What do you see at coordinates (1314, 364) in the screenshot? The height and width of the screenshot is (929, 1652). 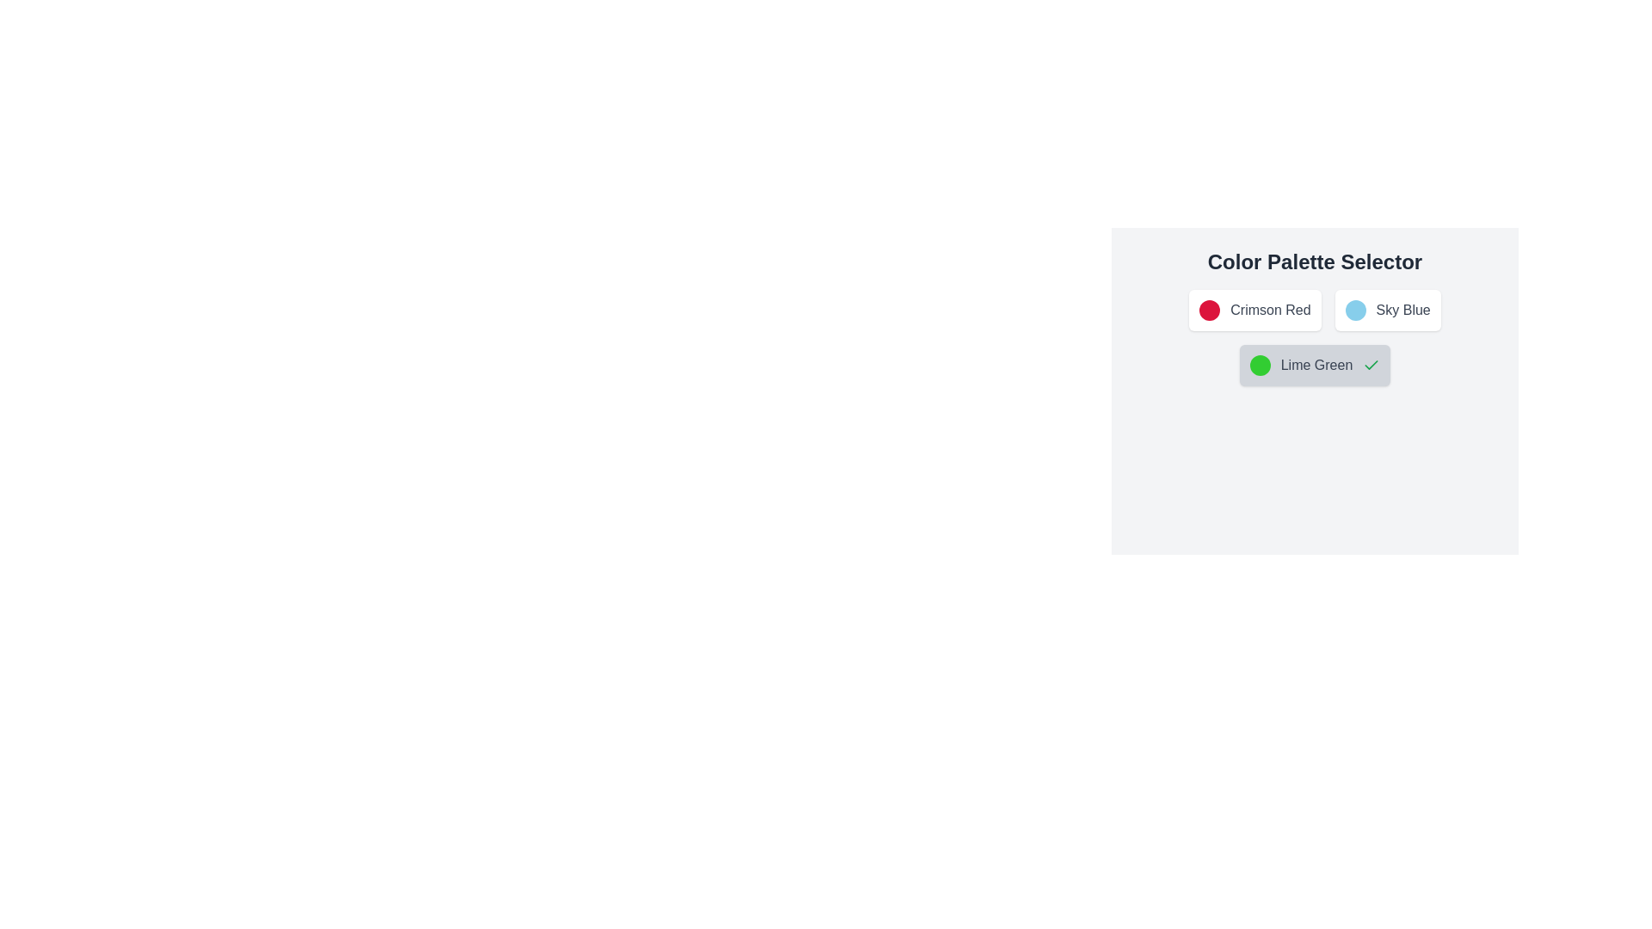 I see `the color palette item corresponding to Lime Green to toggle its selection state` at bounding box center [1314, 364].